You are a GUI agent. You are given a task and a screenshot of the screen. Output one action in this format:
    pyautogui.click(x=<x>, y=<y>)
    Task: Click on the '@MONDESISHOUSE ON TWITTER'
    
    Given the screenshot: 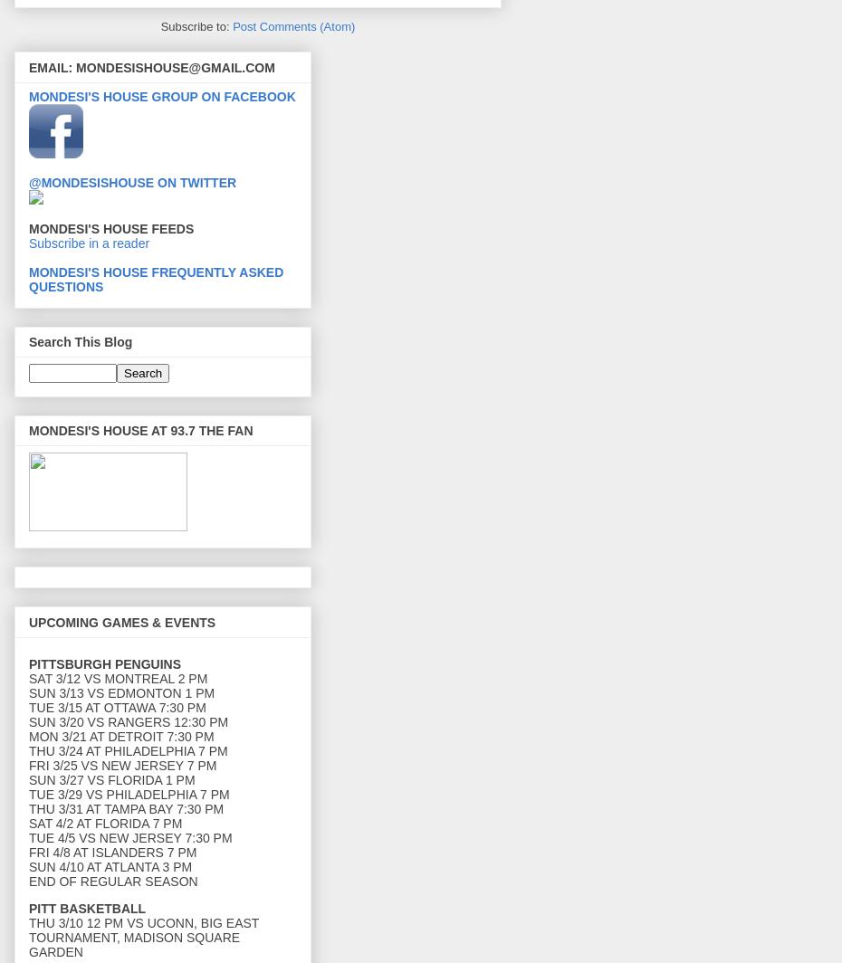 What is the action you would take?
    pyautogui.click(x=132, y=181)
    